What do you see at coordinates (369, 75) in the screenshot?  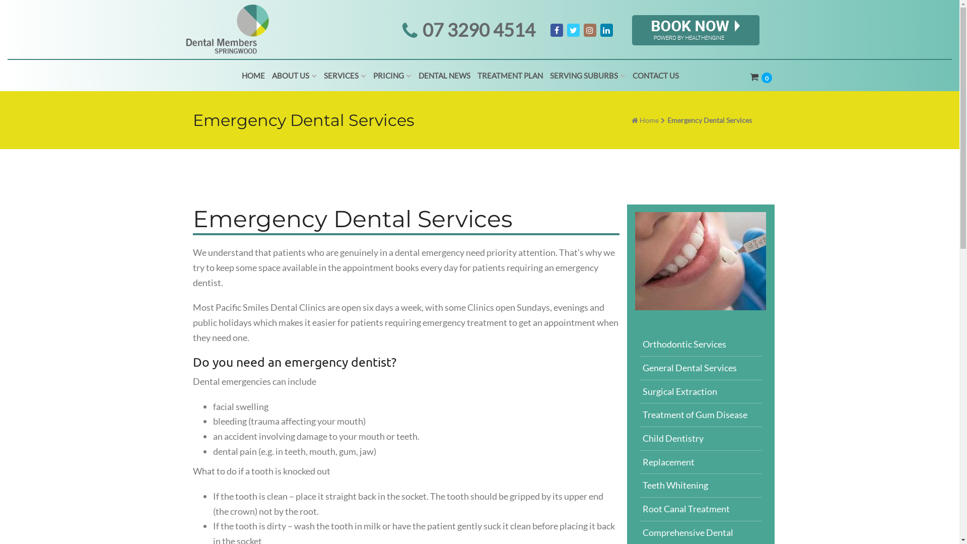 I see `'PRICING'` at bounding box center [369, 75].